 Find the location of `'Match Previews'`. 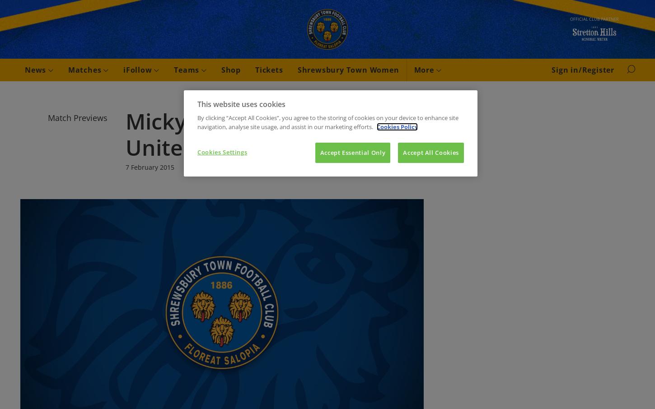

'Match Previews' is located at coordinates (77, 118).